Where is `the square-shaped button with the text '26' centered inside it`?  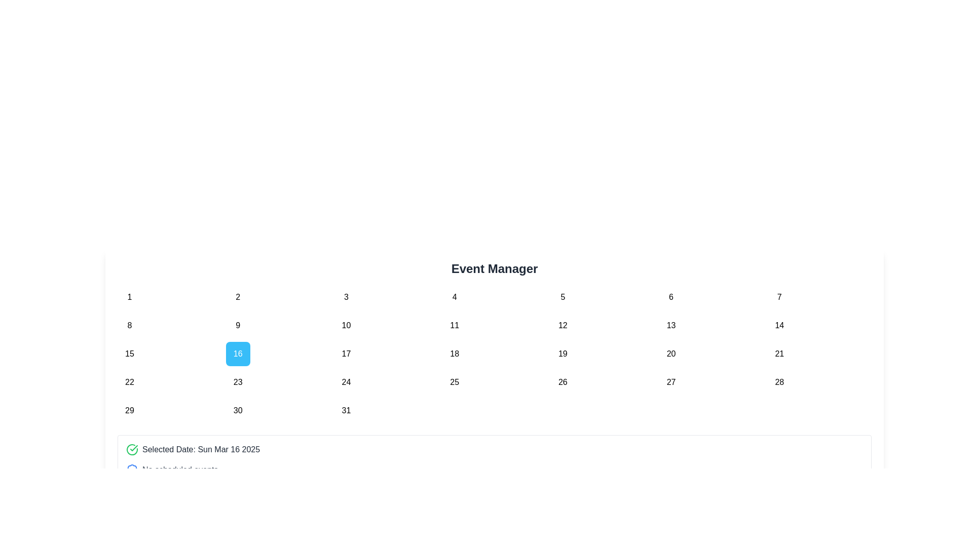
the square-shaped button with the text '26' centered inside it is located at coordinates (562, 382).